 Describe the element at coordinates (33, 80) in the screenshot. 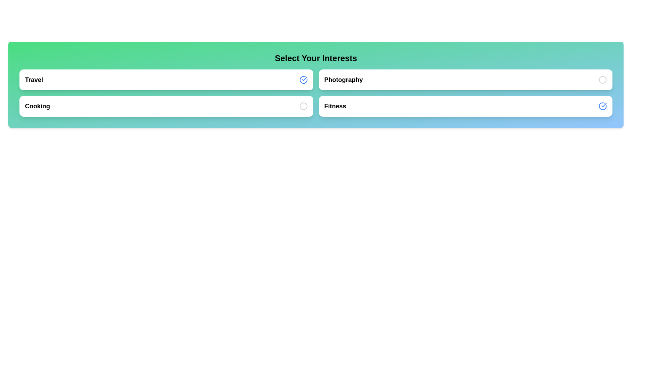

I see `the text label of Travel` at that location.